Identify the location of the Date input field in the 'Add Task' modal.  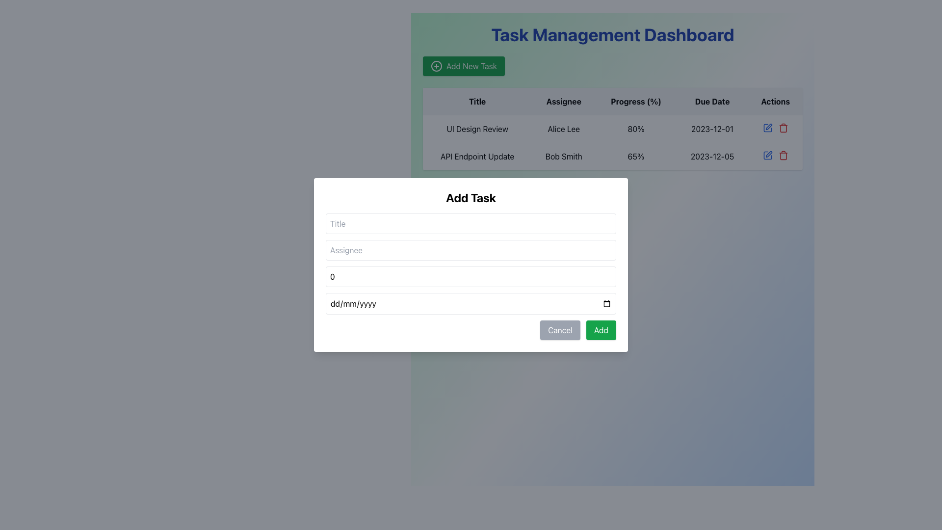
(471, 303).